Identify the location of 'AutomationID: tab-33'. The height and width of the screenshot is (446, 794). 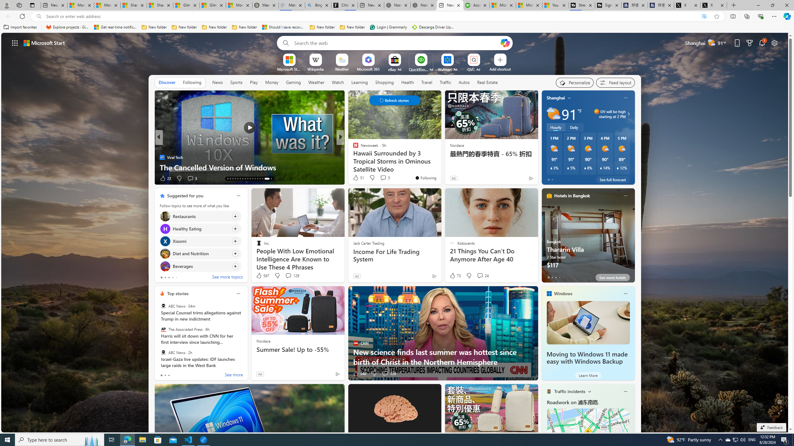
(271, 179).